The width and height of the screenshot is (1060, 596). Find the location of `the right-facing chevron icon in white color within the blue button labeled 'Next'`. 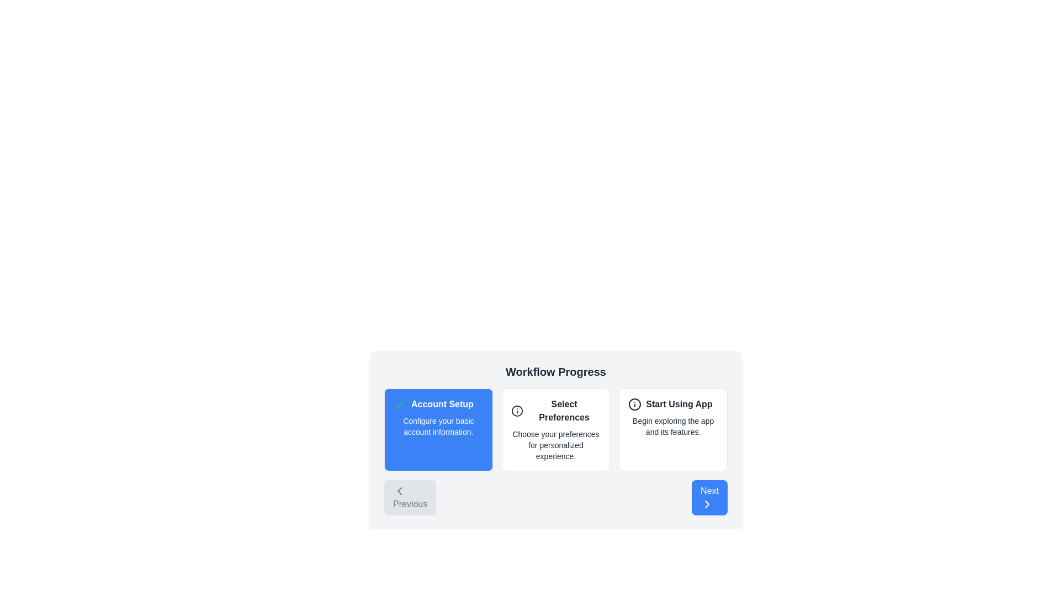

the right-facing chevron icon in white color within the blue button labeled 'Next' is located at coordinates (707, 504).